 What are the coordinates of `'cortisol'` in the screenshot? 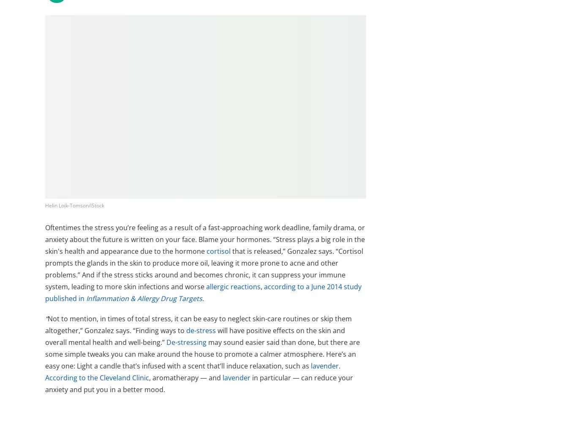 It's located at (218, 251).